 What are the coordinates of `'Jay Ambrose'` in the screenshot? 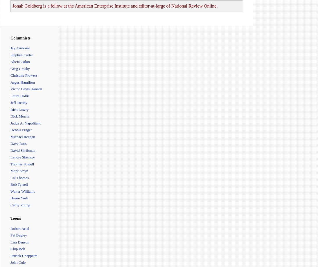 It's located at (20, 48).